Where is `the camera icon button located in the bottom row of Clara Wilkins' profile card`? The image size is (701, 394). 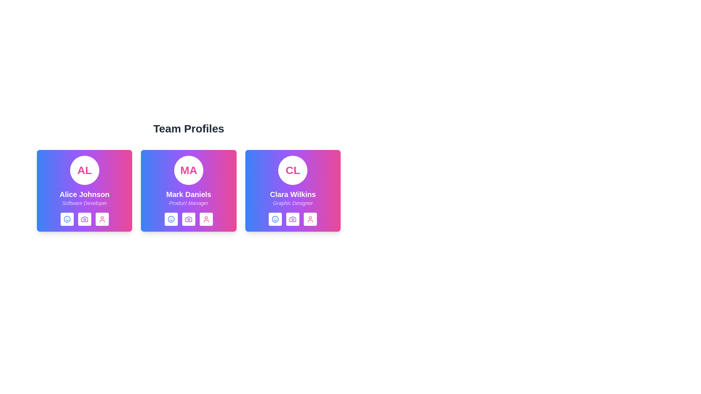 the camera icon button located in the bottom row of Clara Wilkins' profile card is located at coordinates (293, 219).